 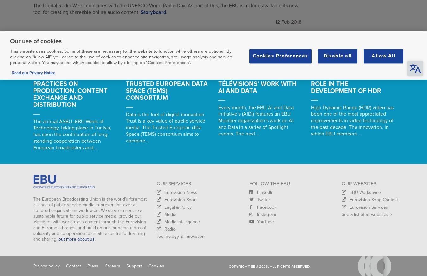 I want to click on 'Press', so click(x=92, y=266).